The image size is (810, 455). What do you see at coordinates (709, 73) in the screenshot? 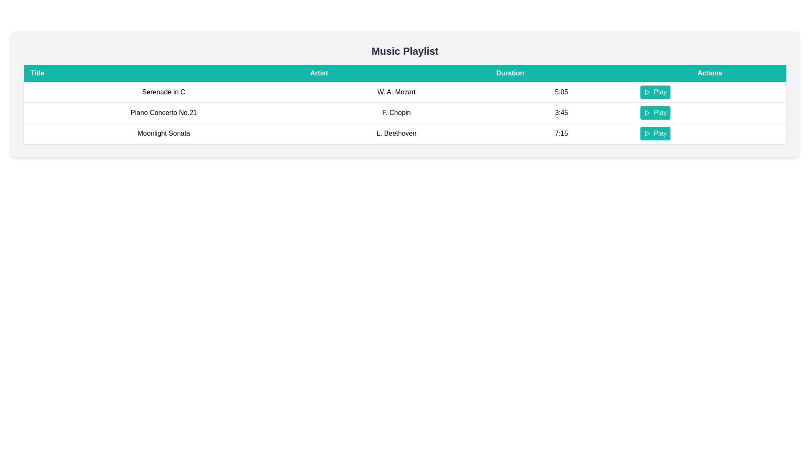
I see `the last column header of the table, which is positioned to the right of the 'Duration' column` at bounding box center [709, 73].